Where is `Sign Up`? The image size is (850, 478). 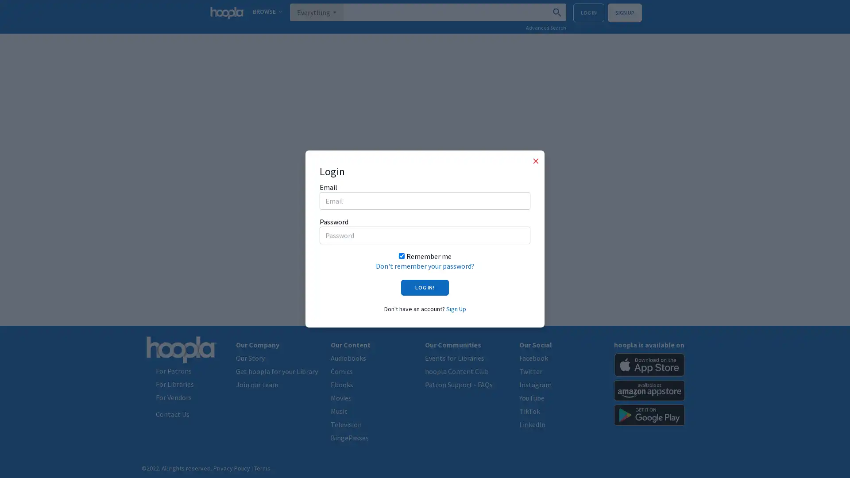 Sign Up is located at coordinates (456, 308).